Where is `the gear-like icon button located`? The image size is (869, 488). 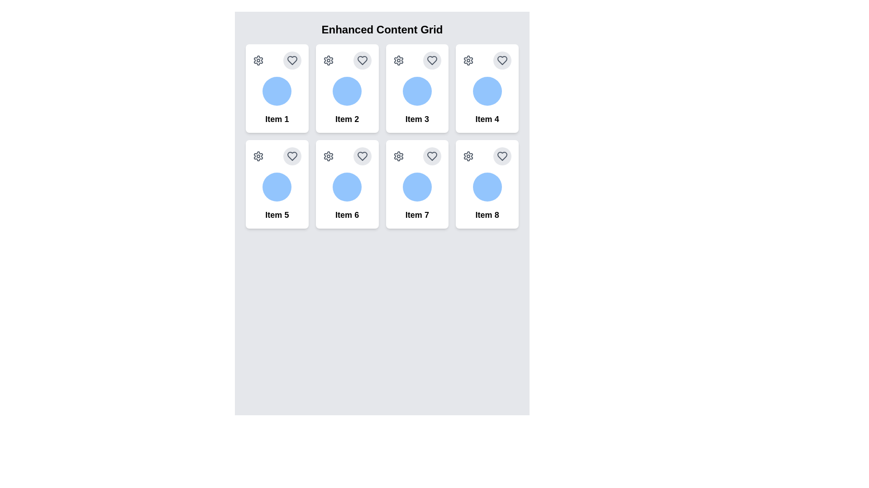
the gear-like icon button located is located at coordinates (468, 156).